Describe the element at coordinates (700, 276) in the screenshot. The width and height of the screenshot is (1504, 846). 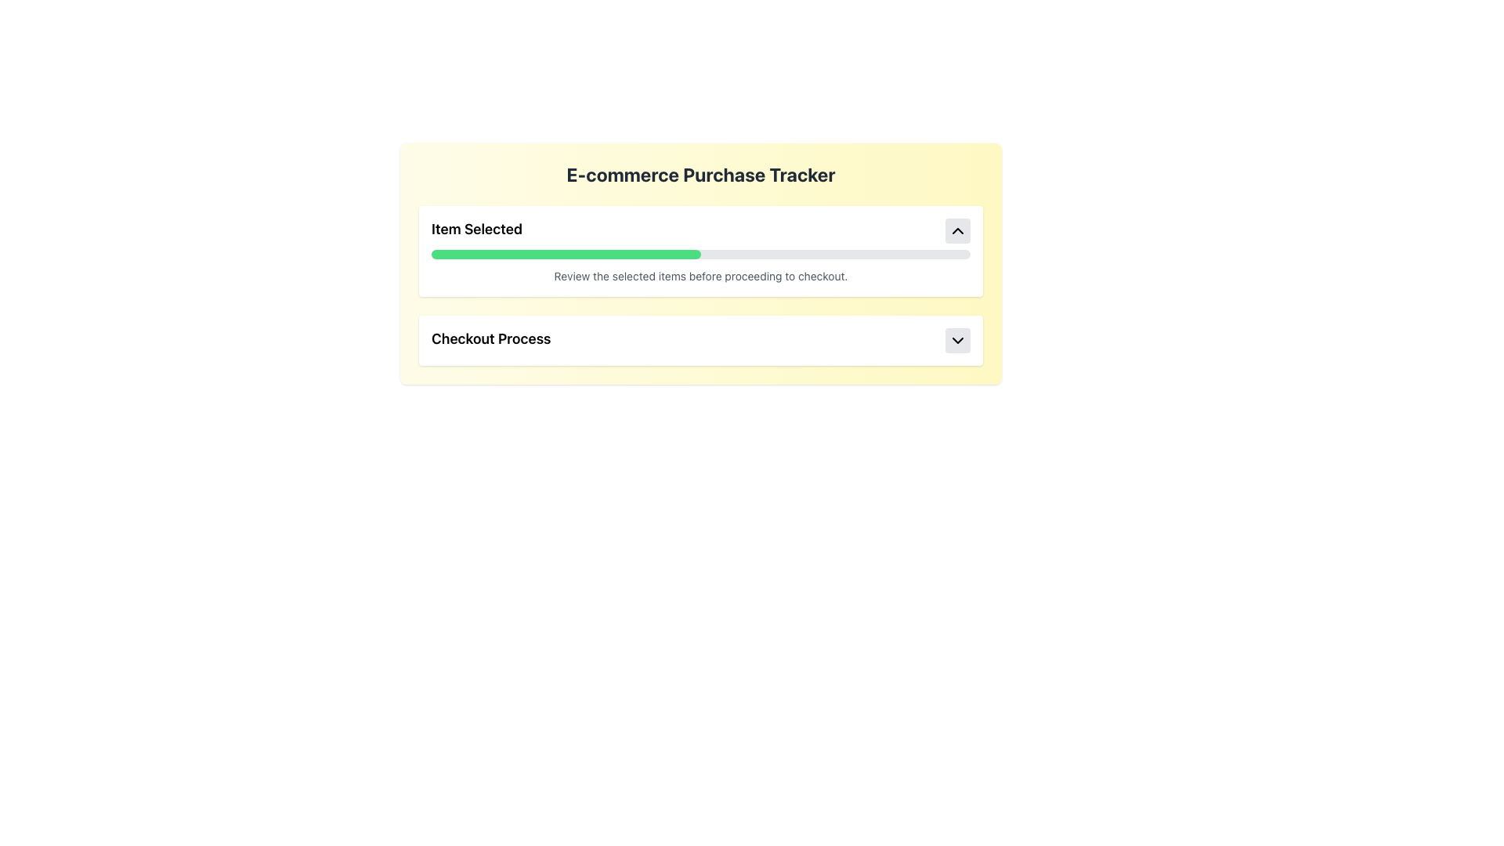
I see `the Static Text Label that conveys information about reviewing selected items before proceeding to checkout, located below the 'Item Selected' progress bar and above the 'Checkout Process' section` at that location.